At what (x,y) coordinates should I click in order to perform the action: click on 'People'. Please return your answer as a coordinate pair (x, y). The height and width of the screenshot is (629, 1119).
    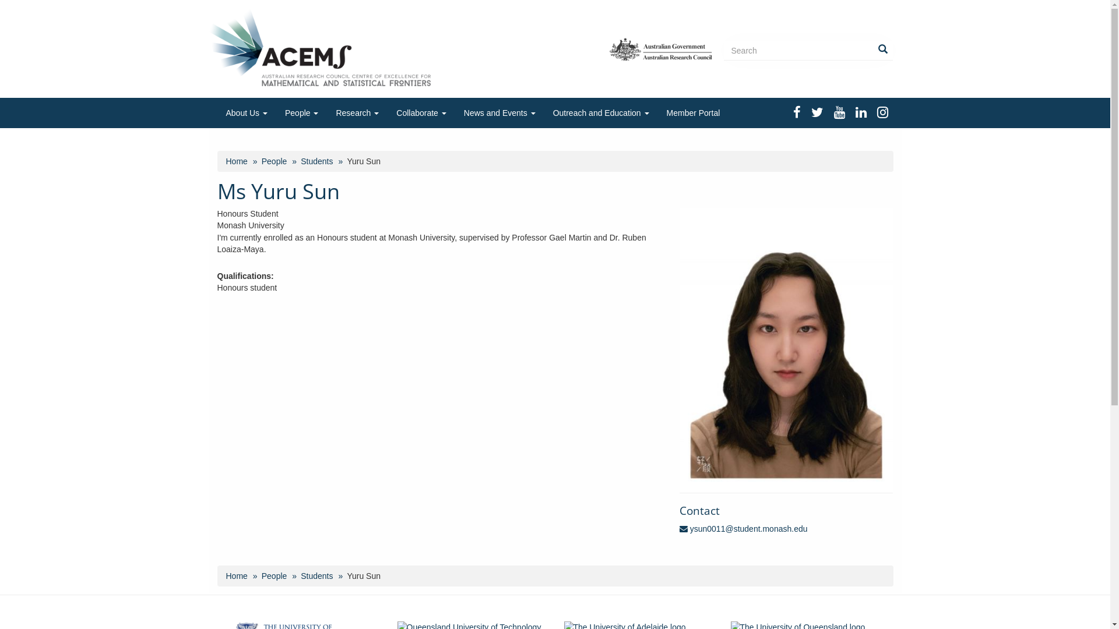
    Looking at the image, I should click on (273, 575).